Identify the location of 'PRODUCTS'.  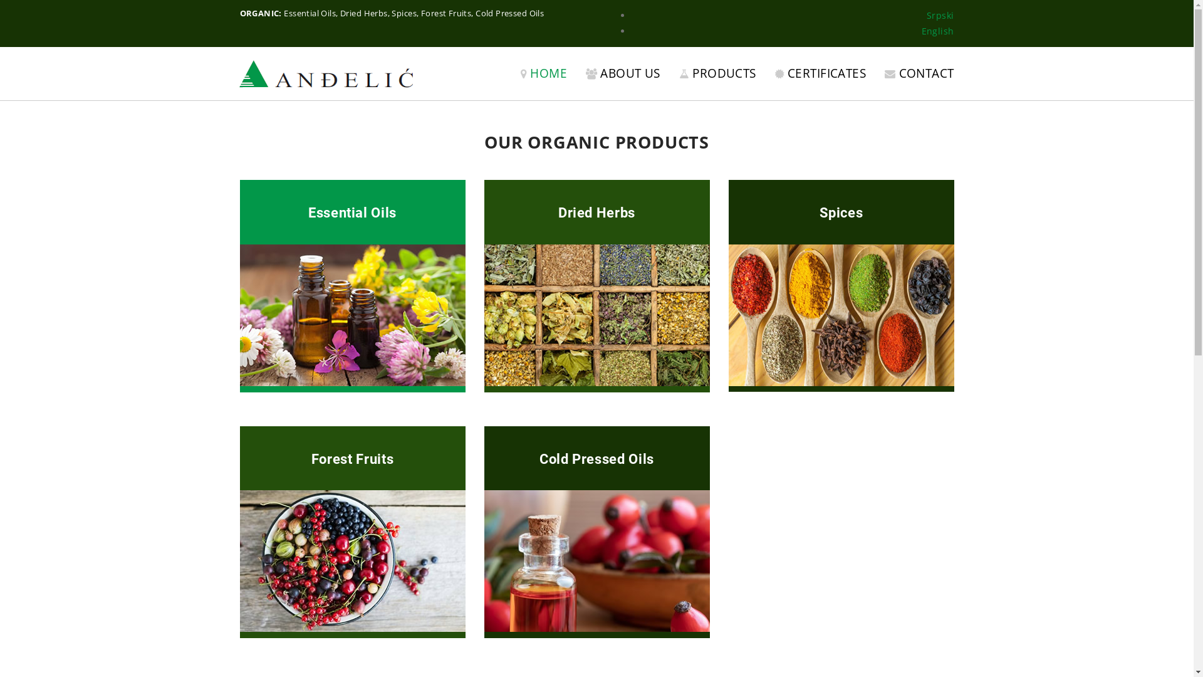
(717, 73).